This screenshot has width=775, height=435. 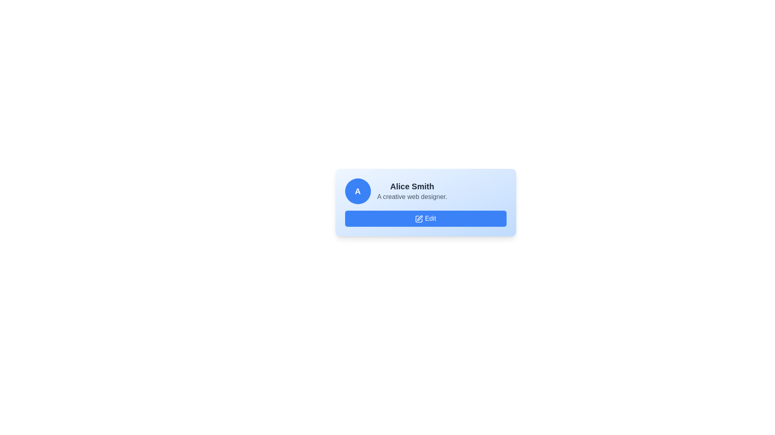 What do you see at coordinates (420, 218) in the screenshot?
I see `the 'Edit' button located beneath 'Alice Smith'` at bounding box center [420, 218].